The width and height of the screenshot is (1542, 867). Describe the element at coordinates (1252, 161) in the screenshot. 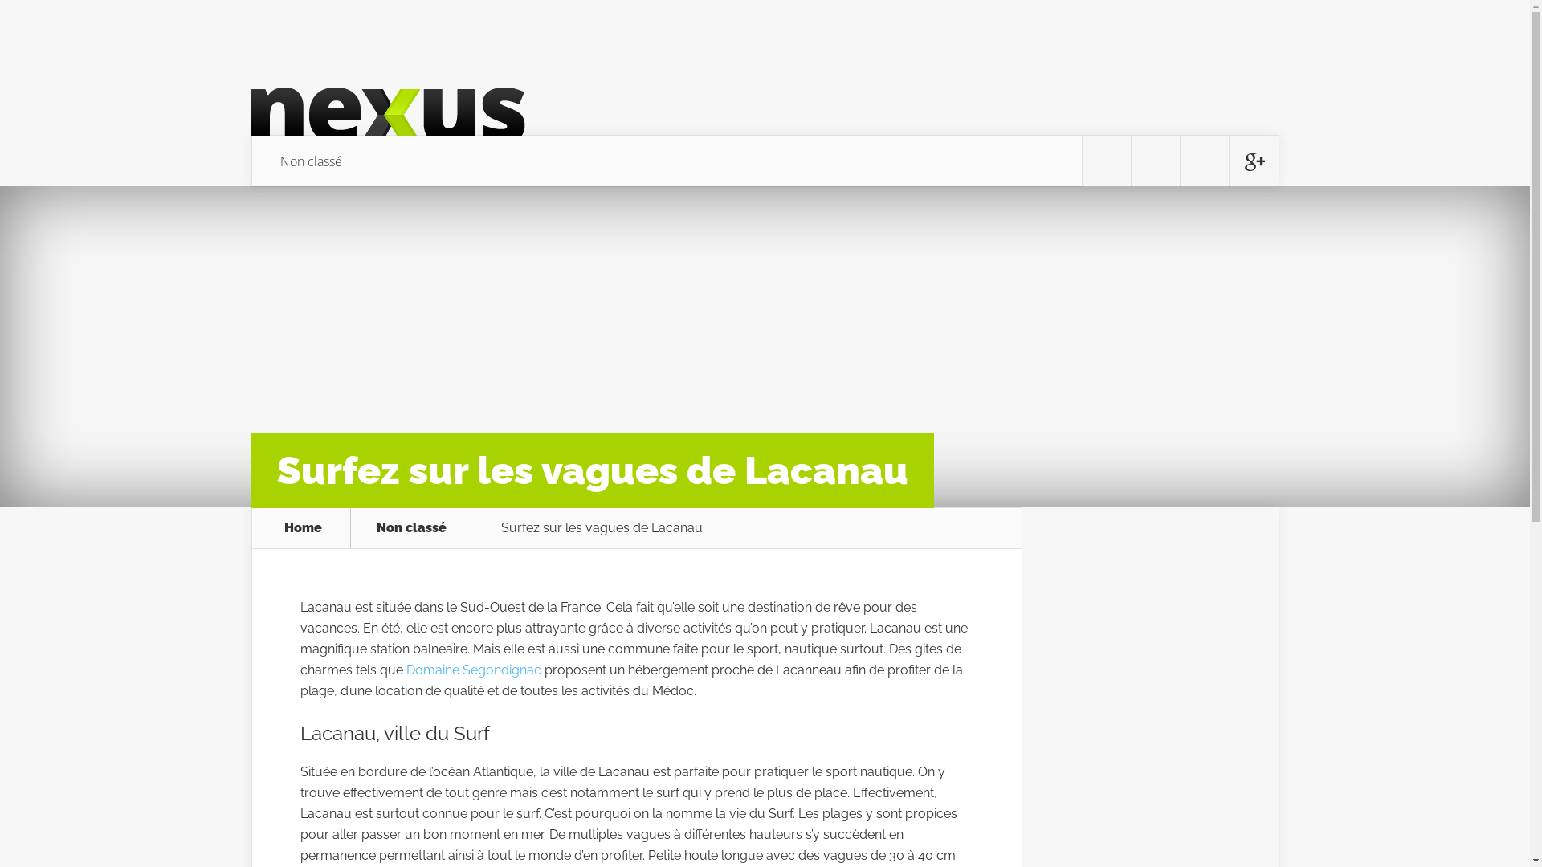

I see `'Follow Us On Google+'` at that location.